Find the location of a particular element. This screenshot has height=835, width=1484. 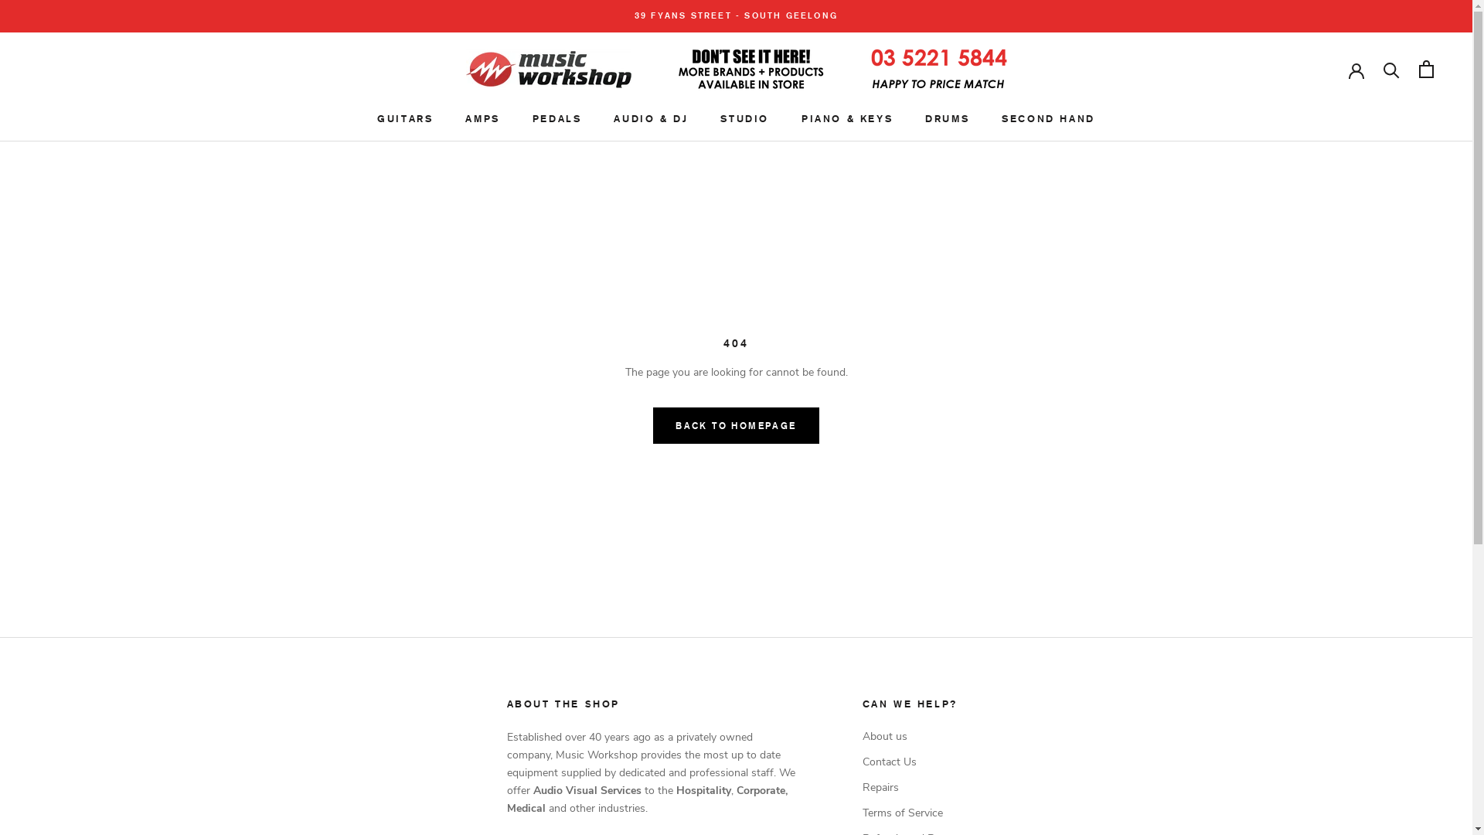

'Repairs' is located at coordinates (914, 787).